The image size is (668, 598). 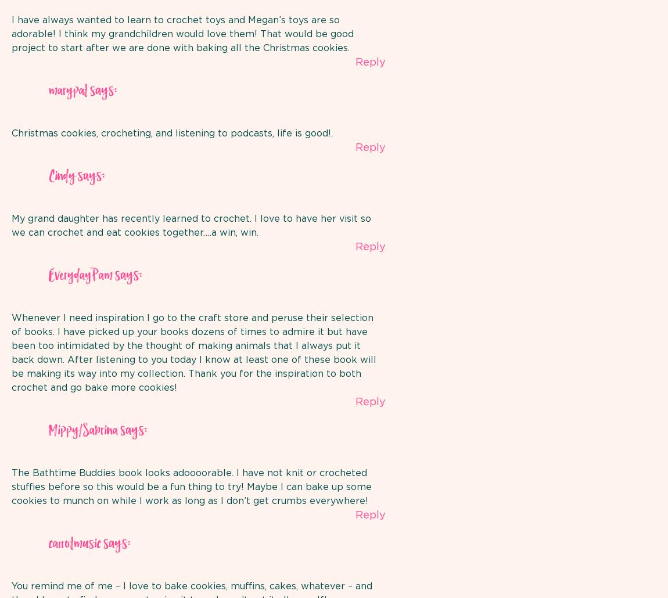 What do you see at coordinates (191, 225) in the screenshot?
I see `'My grand daughter has recently learned to crochet.  I love to have her visit so we can crochet and eat cookies together….a win, win.'` at bounding box center [191, 225].